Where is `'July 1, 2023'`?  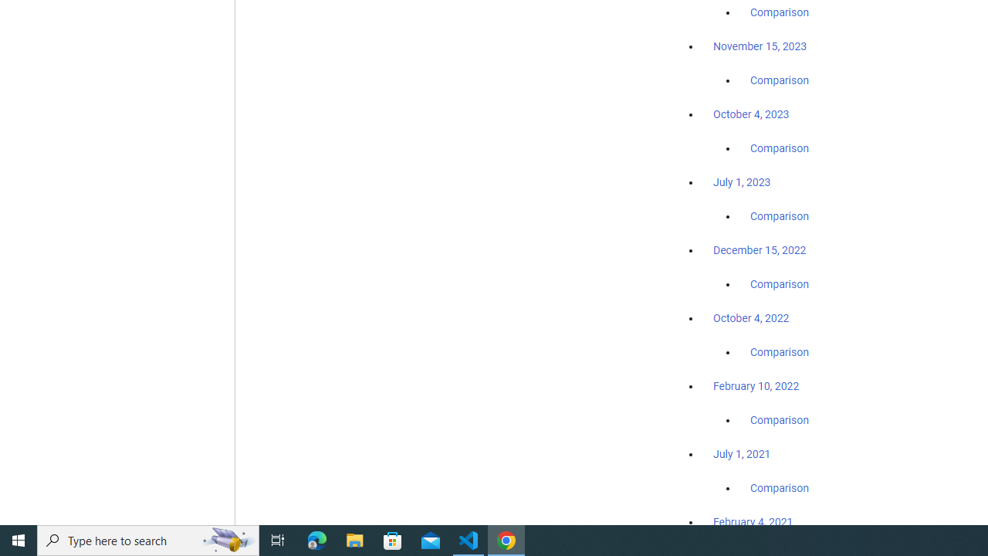
'July 1, 2023' is located at coordinates (742, 181).